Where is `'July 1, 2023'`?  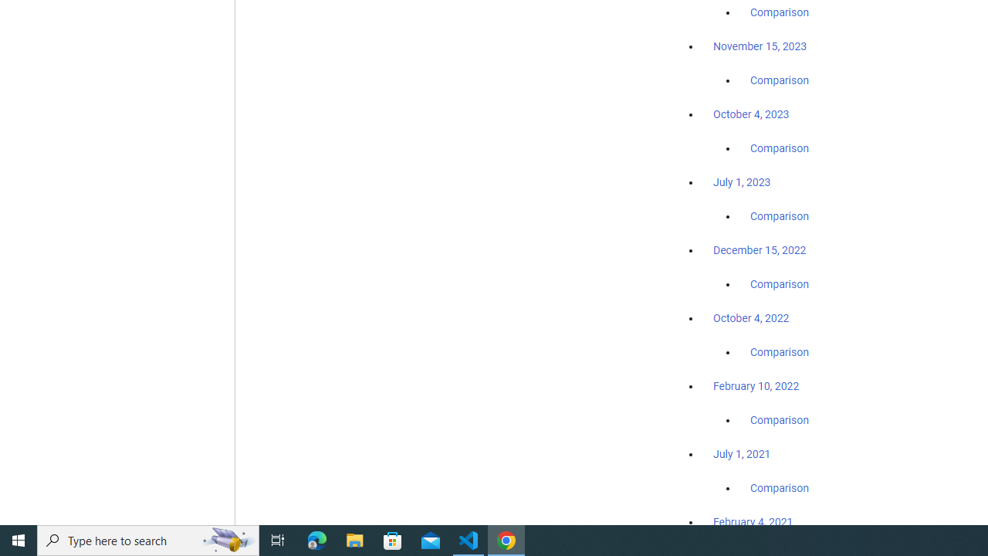
'July 1, 2023' is located at coordinates (742, 181).